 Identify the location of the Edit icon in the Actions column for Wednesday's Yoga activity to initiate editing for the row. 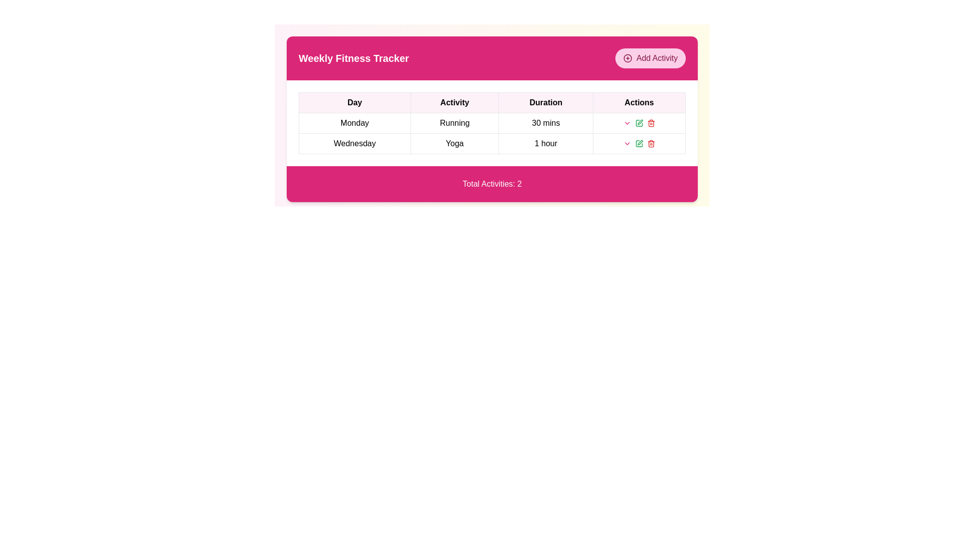
(640, 122).